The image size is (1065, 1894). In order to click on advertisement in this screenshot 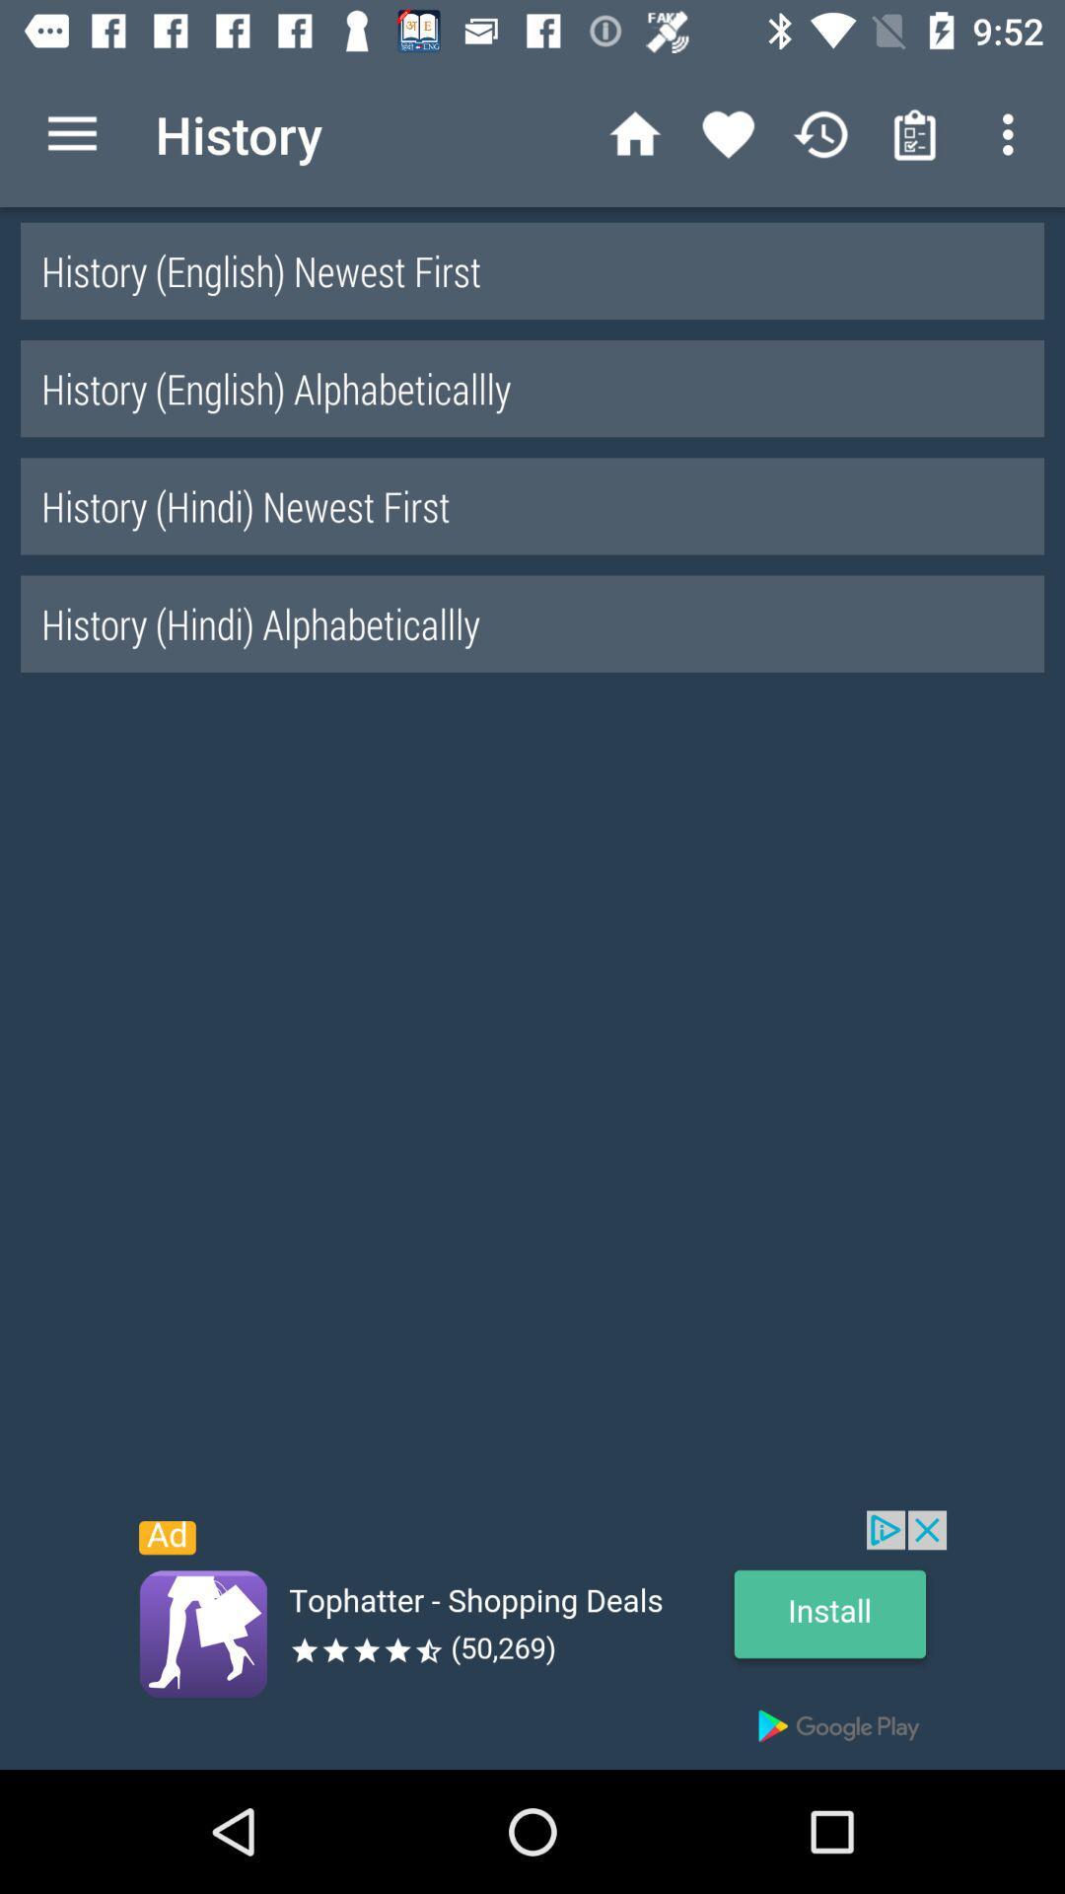, I will do `click(532, 1639)`.